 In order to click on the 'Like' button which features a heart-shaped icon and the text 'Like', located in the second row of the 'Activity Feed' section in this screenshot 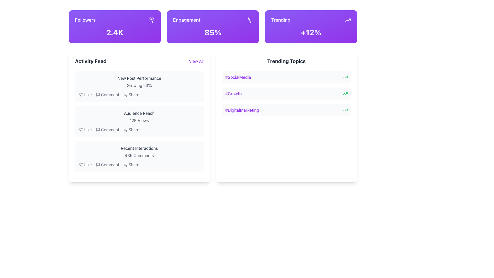, I will do `click(85, 129)`.